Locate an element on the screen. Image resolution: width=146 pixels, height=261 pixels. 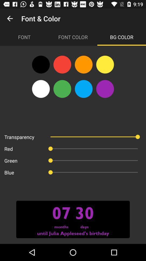
the item below font is located at coordinates (41, 64).